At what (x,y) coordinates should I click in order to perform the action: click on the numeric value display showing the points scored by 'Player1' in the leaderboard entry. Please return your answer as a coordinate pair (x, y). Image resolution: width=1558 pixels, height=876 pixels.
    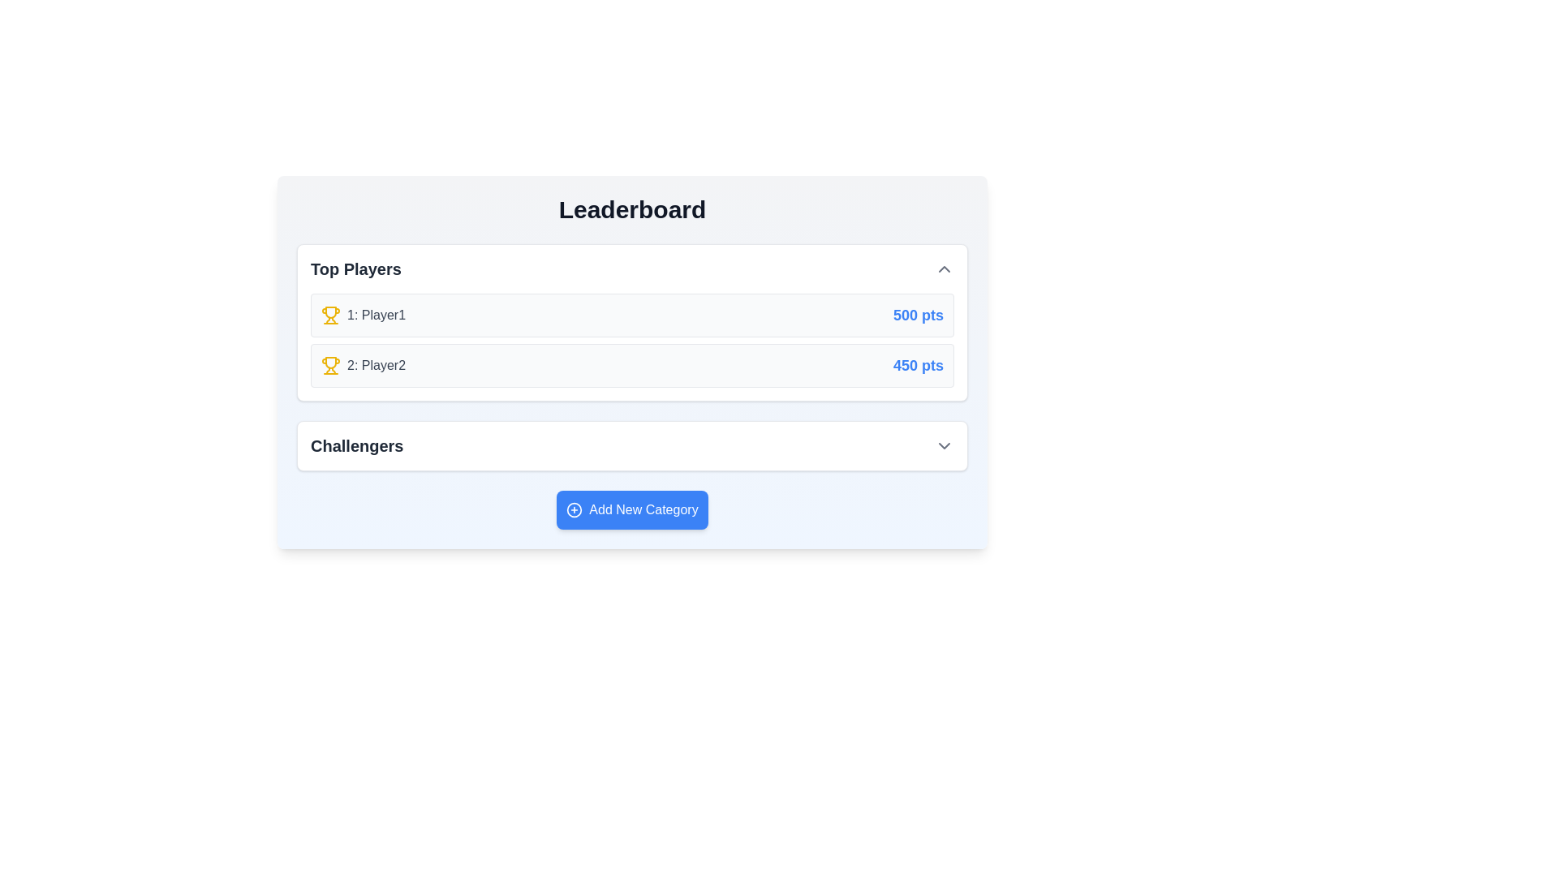
    Looking at the image, I should click on (919, 316).